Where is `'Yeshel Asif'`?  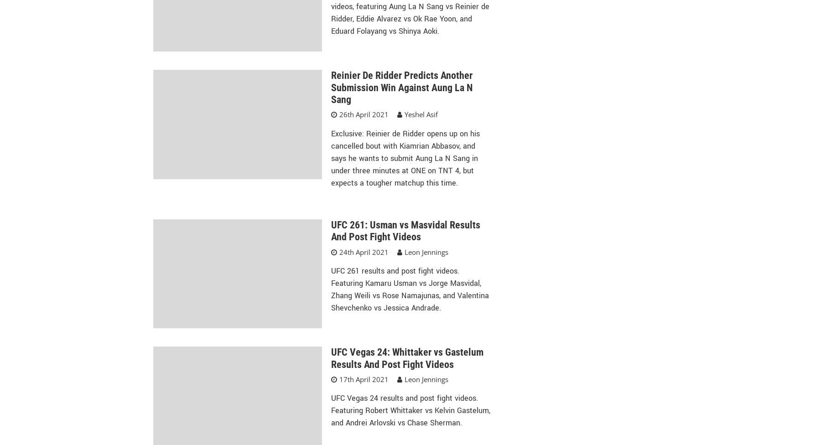 'Yeshel Asif' is located at coordinates (420, 114).